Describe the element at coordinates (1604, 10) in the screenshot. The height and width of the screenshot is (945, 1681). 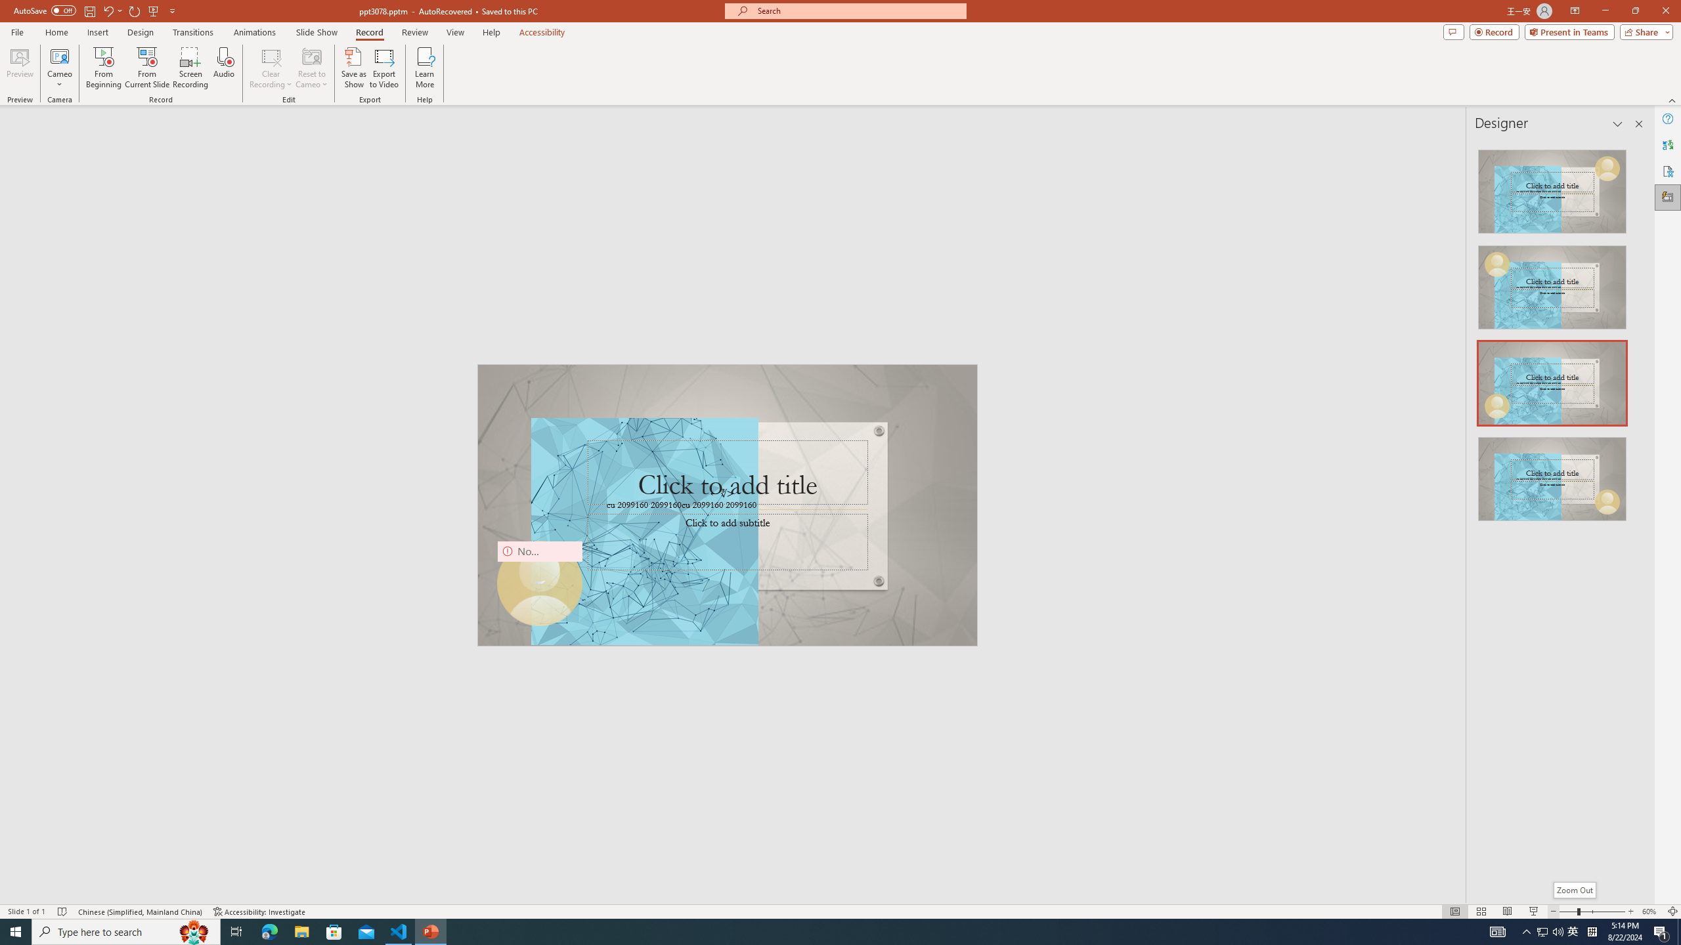
I see `'Minimize'` at that location.